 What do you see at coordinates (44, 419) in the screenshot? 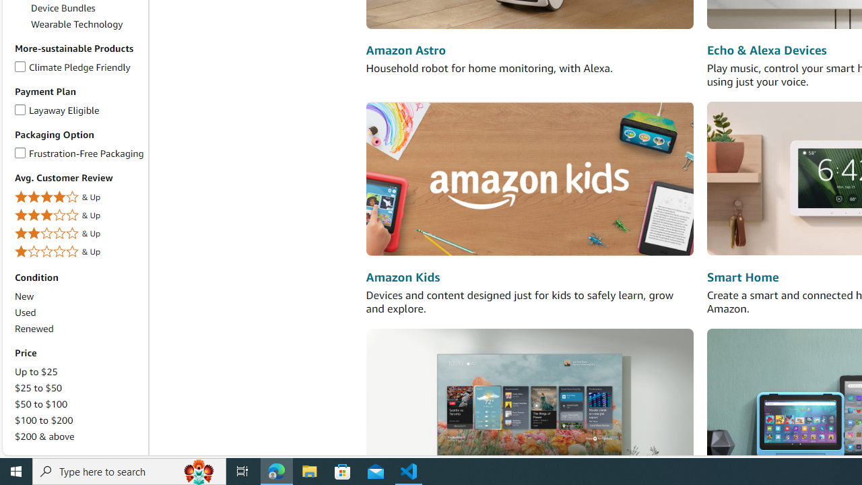
I see `'$100 to $200'` at bounding box center [44, 419].